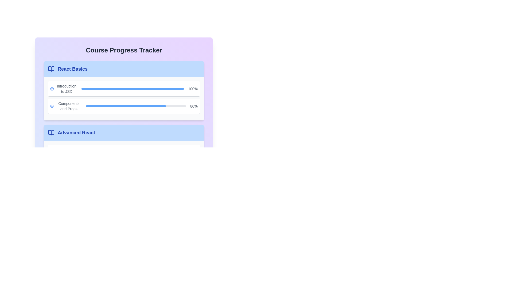 Image resolution: width=513 pixels, height=289 pixels. Describe the element at coordinates (64, 88) in the screenshot. I see `text element displaying 'Introduction to JSX', which is styled in a smaller gray font and located above the '100%' text in the 'React Basics' section` at that location.